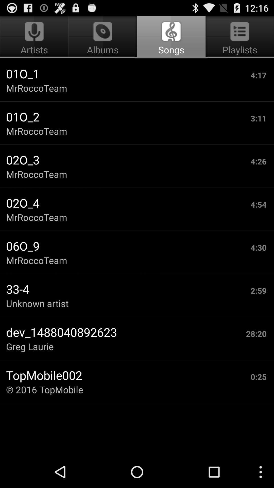 The width and height of the screenshot is (274, 488). I want to click on icon to the left of playlists icon, so click(103, 37).